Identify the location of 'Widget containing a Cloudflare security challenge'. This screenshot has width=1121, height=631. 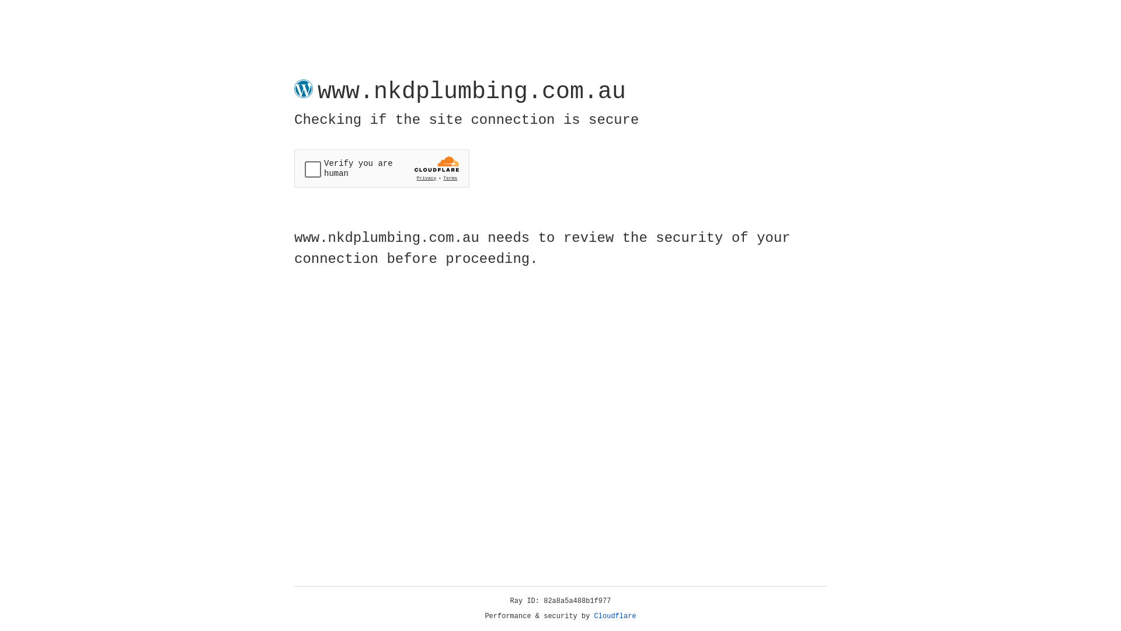
(381, 168).